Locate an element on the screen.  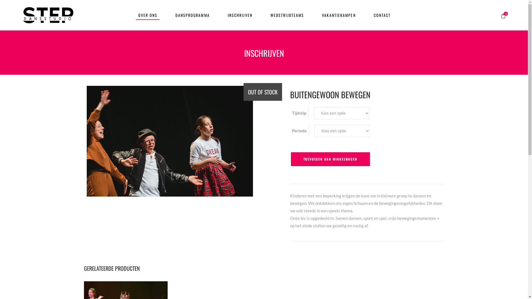
'OVER ONS' is located at coordinates (148, 15).